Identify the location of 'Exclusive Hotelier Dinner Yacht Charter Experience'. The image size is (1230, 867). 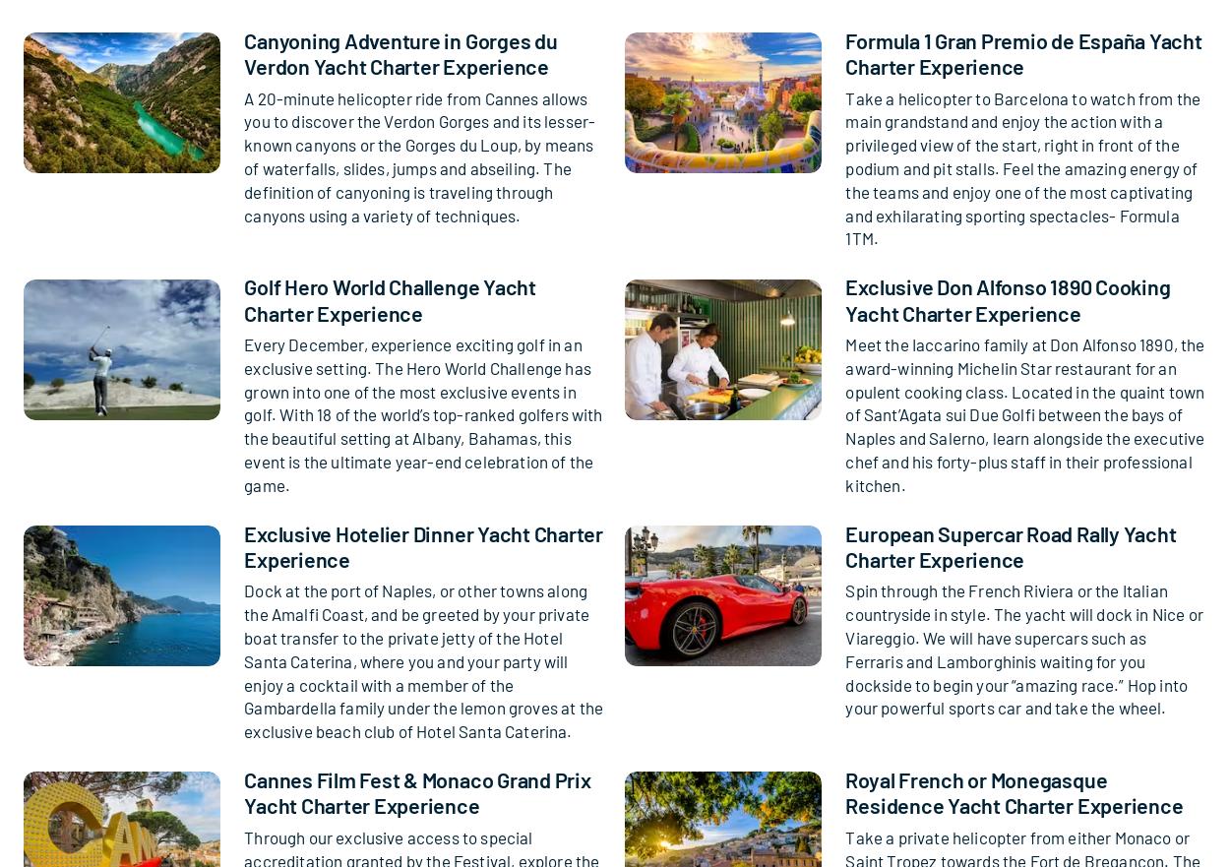
(422, 543).